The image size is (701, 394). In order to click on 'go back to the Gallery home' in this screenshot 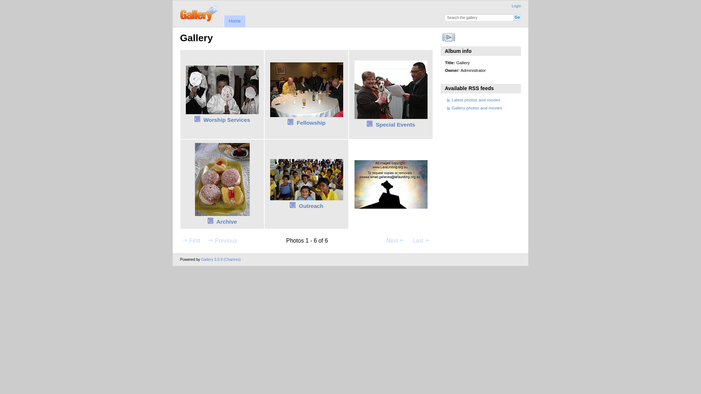, I will do `click(199, 12)`.